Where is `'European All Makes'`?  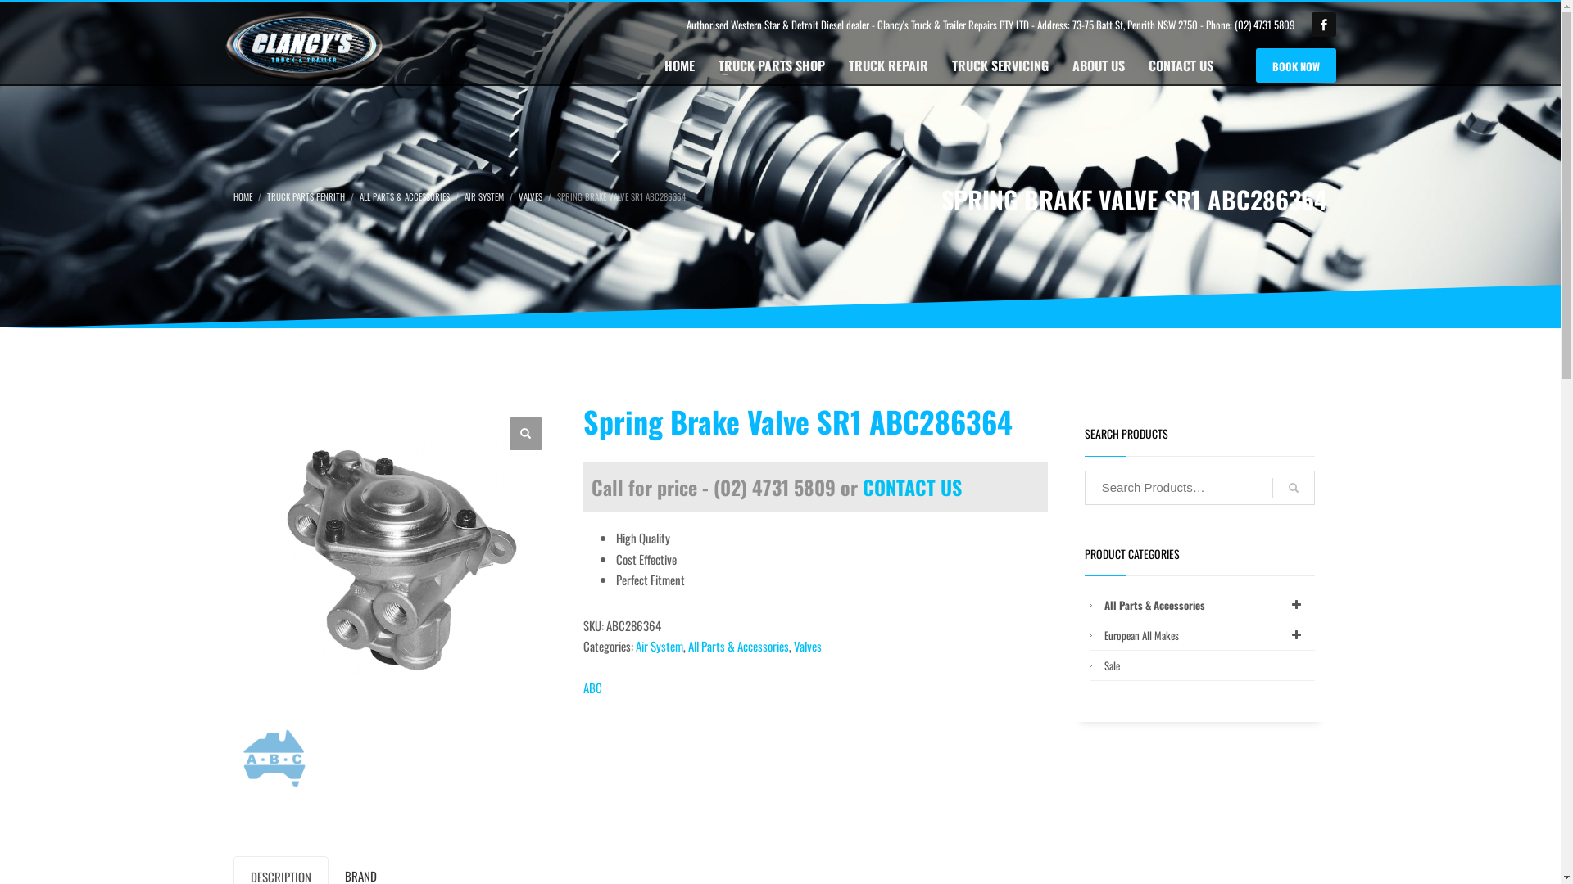
'European All Makes' is located at coordinates (1207, 634).